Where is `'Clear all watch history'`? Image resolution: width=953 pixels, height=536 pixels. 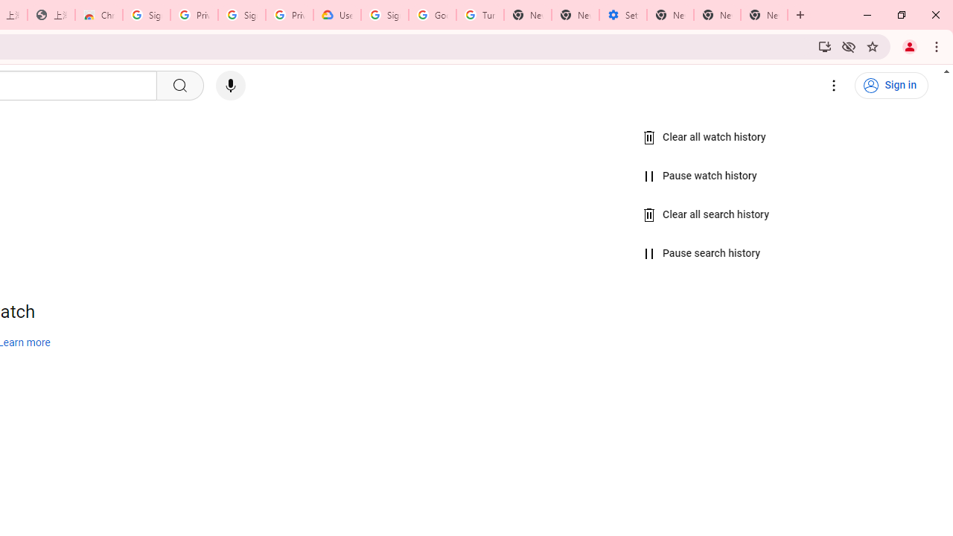 'Clear all watch history' is located at coordinates (704, 138).